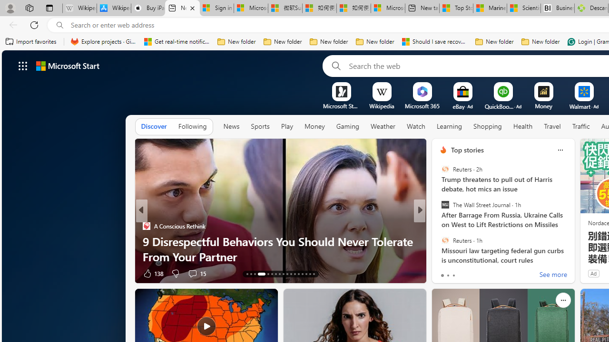 The image size is (609, 342). Describe the element at coordinates (445, 273) in the screenshot. I see `'186 Like'` at that location.